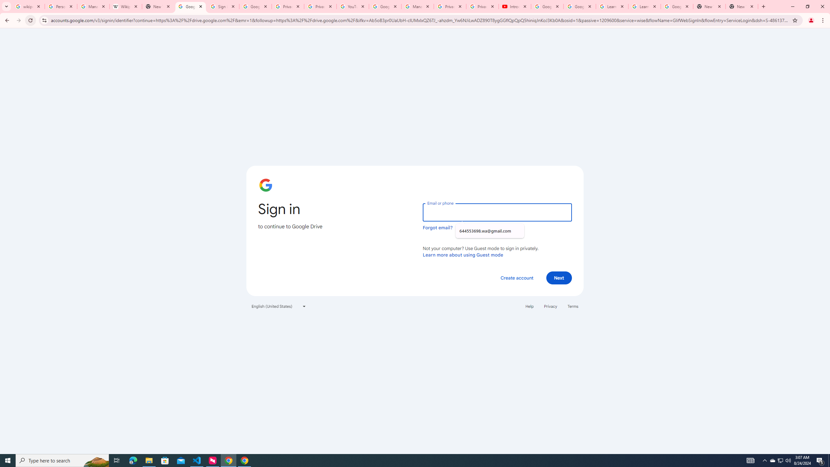 This screenshot has width=830, height=467. What do you see at coordinates (516, 277) in the screenshot?
I see `'Create account'` at bounding box center [516, 277].